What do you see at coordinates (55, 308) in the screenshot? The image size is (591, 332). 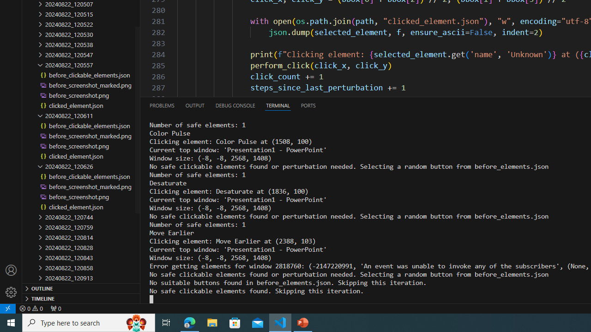 I see `'No Ports Forwarded'` at bounding box center [55, 308].